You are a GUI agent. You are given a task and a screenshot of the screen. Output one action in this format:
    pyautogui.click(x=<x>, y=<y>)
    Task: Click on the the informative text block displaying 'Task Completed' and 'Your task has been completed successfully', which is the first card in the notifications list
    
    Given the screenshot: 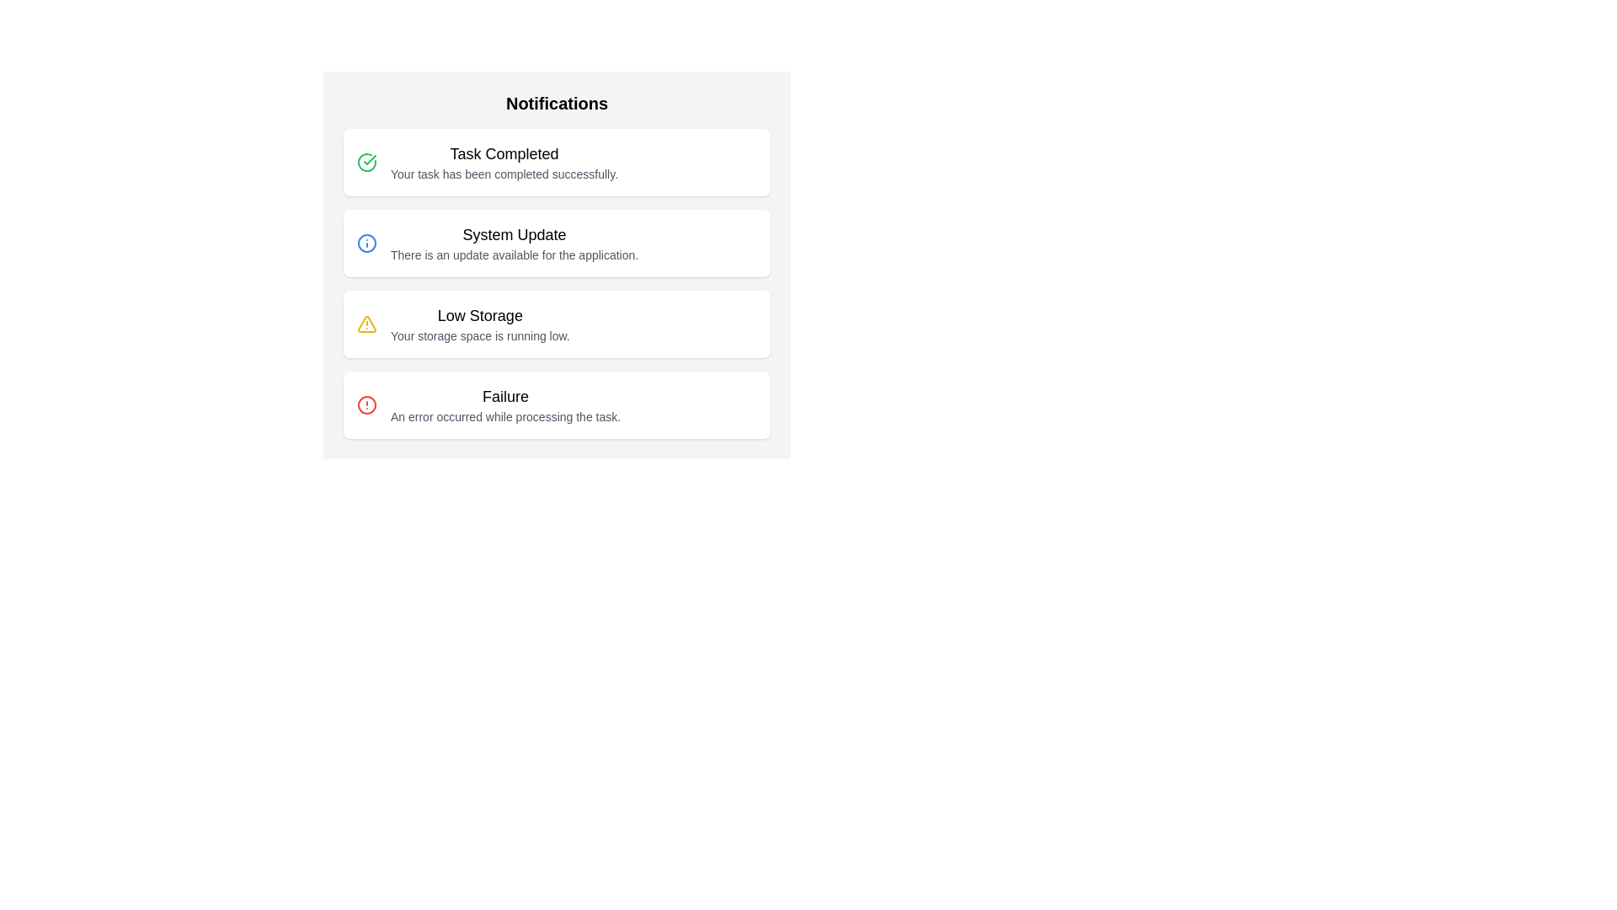 What is the action you would take?
    pyautogui.click(x=504, y=162)
    